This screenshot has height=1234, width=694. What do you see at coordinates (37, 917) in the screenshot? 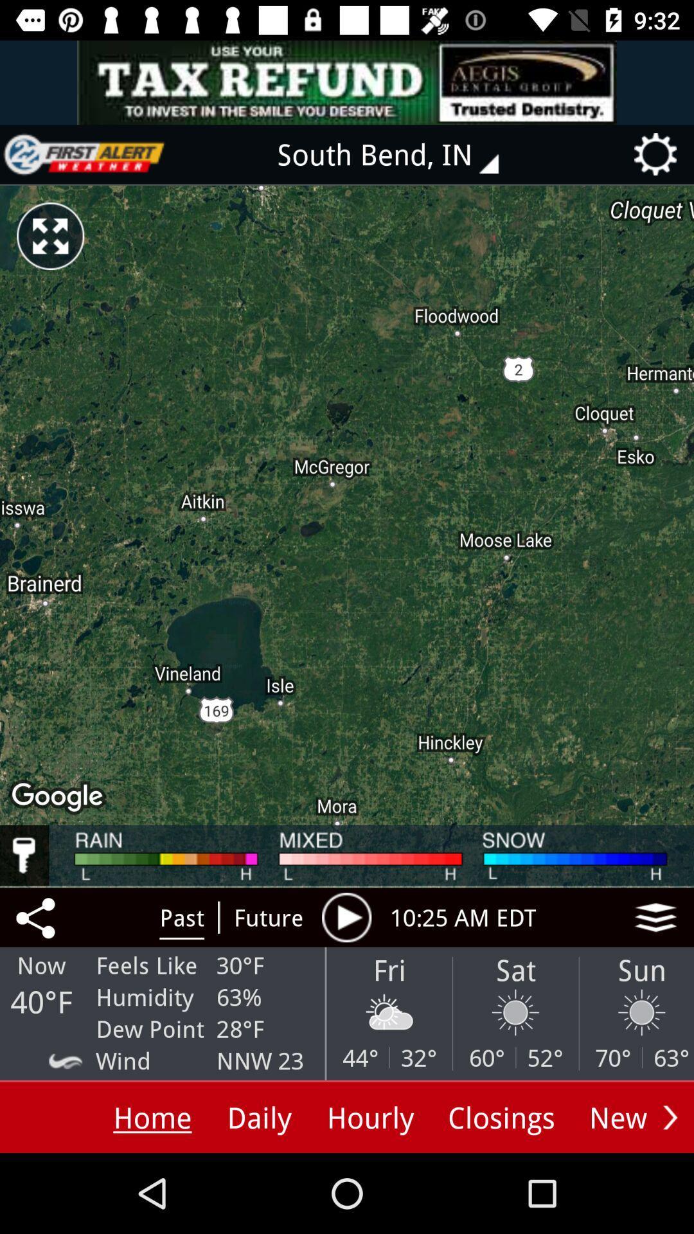
I see `the share icon` at bounding box center [37, 917].